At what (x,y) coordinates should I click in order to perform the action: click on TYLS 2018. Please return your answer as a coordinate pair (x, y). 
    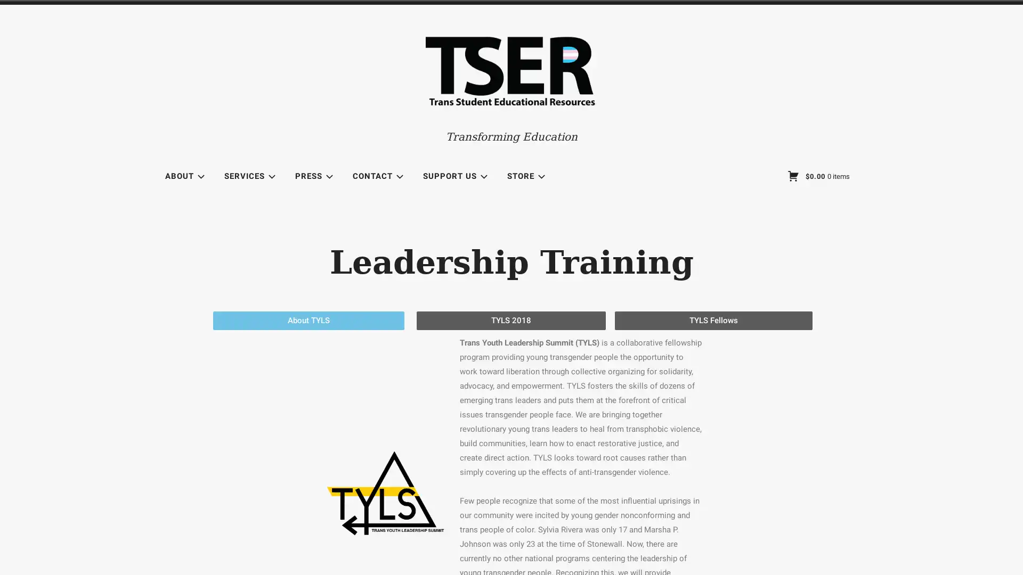
    Looking at the image, I should click on (510, 320).